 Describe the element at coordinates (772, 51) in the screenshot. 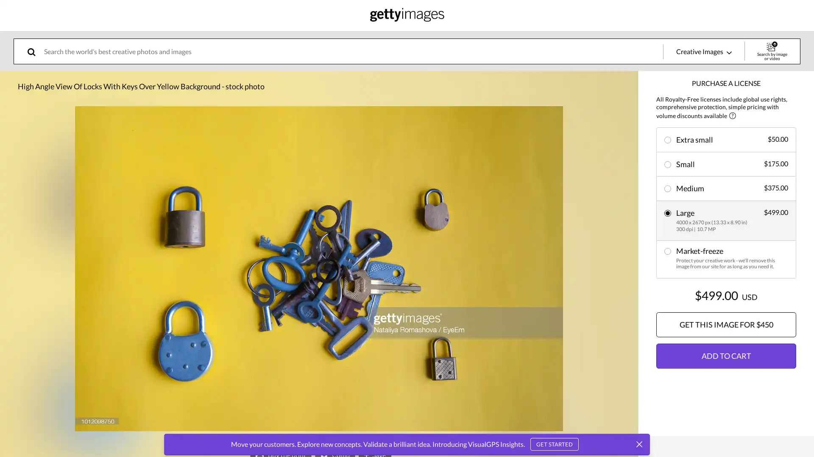

I see `Search by image or video` at that location.